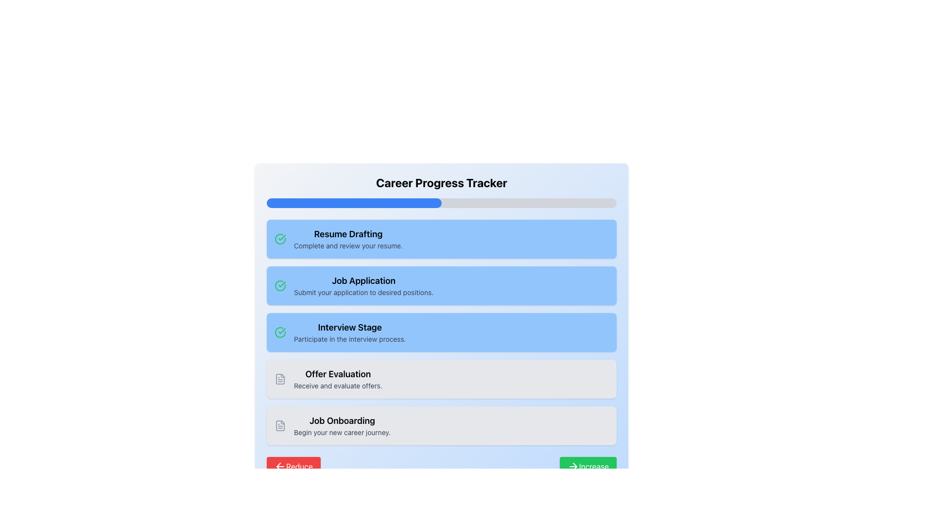 This screenshot has width=933, height=525. I want to click on the 'Offer Evaluation' informational panel to possibly navigate to more details about offers, so click(441, 378).